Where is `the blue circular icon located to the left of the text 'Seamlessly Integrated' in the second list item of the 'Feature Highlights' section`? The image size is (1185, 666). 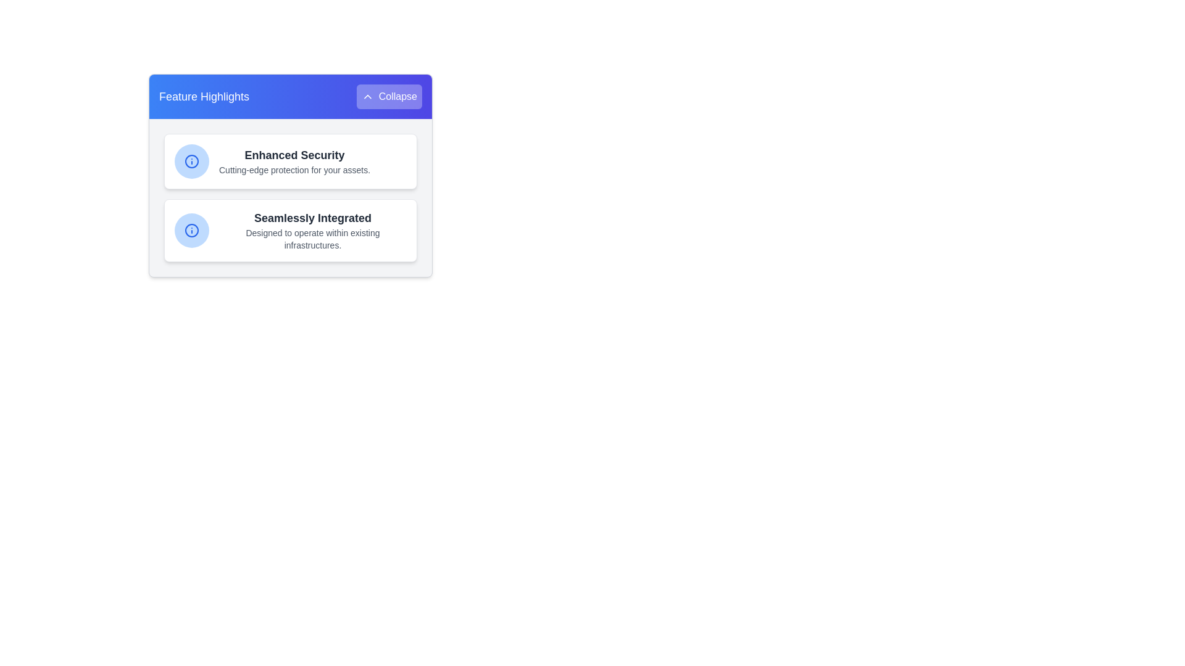 the blue circular icon located to the left of the text 'Seamlessly Integrated' in the second list item of the 'Feature Highlights' section is located at coordinates (191, 231).